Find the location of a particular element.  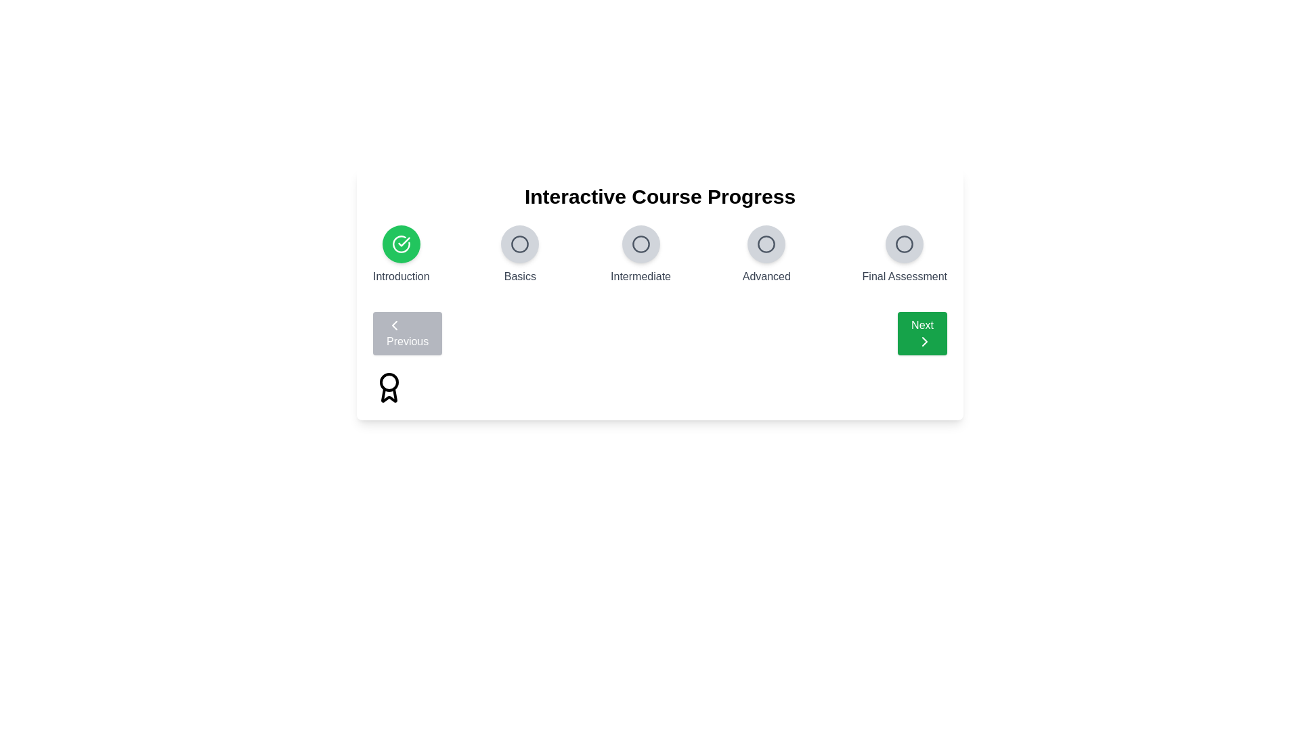

the Text Label displaying 'Intermediate' in the 'Interactive Course Progress' section, which is styled with a medium-sized gray font and positioned under the corresponding circular indicator is located at coordinates (640, 275).